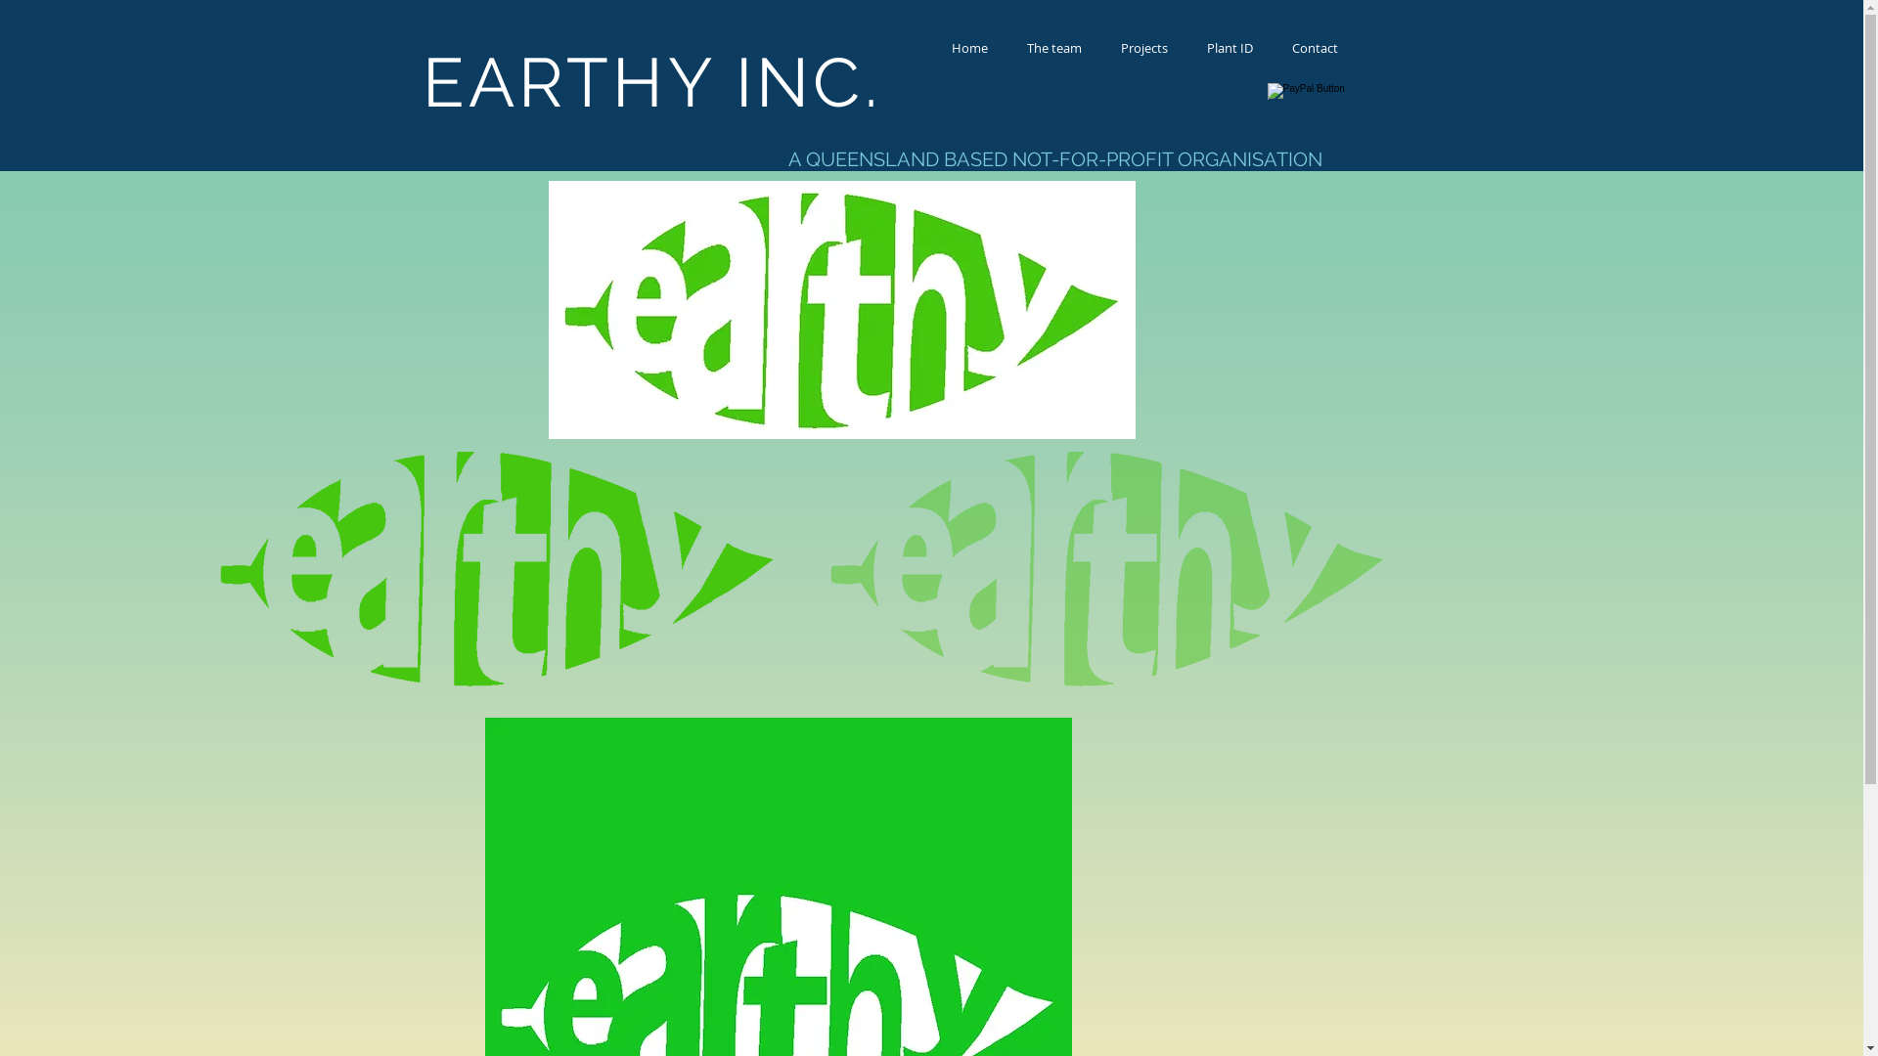 The height and width of the screenshot is (1056, 1878). I want to click on 'Projects', so click(1144, 47).